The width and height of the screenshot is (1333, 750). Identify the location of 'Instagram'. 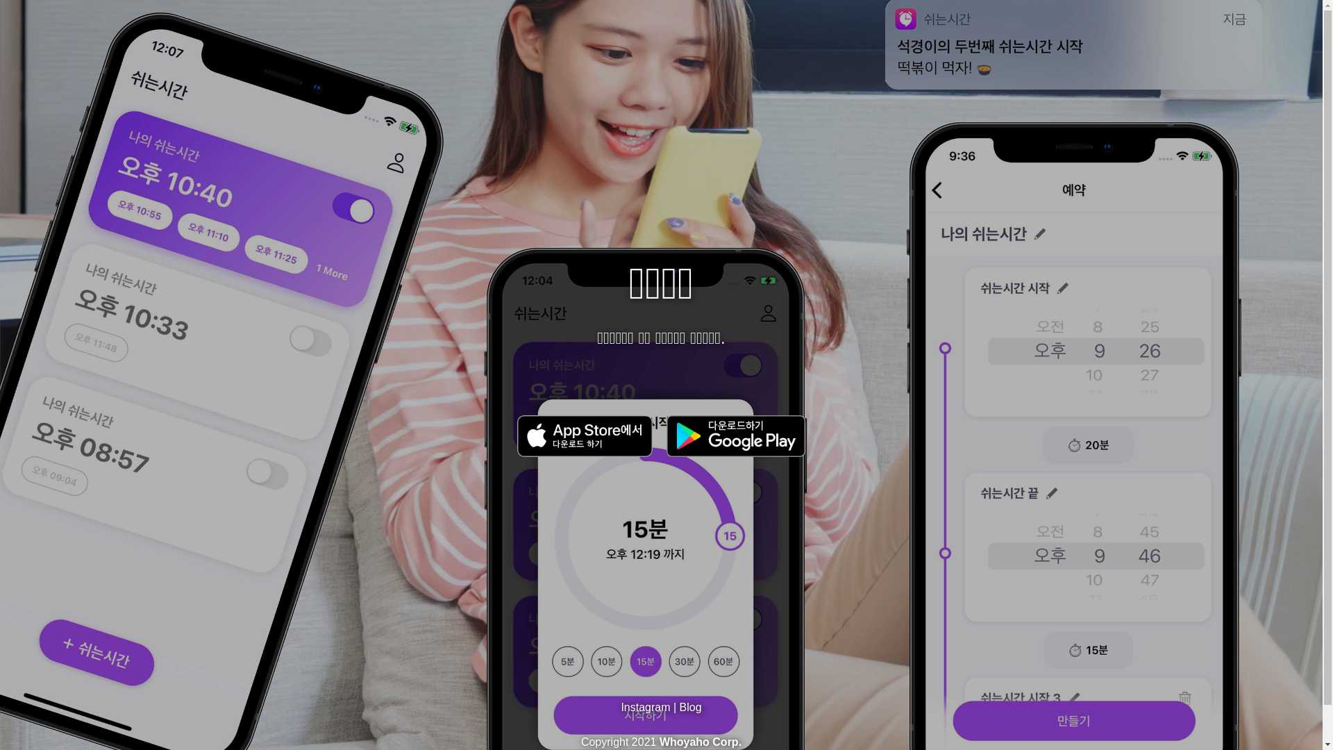
(644, 707).